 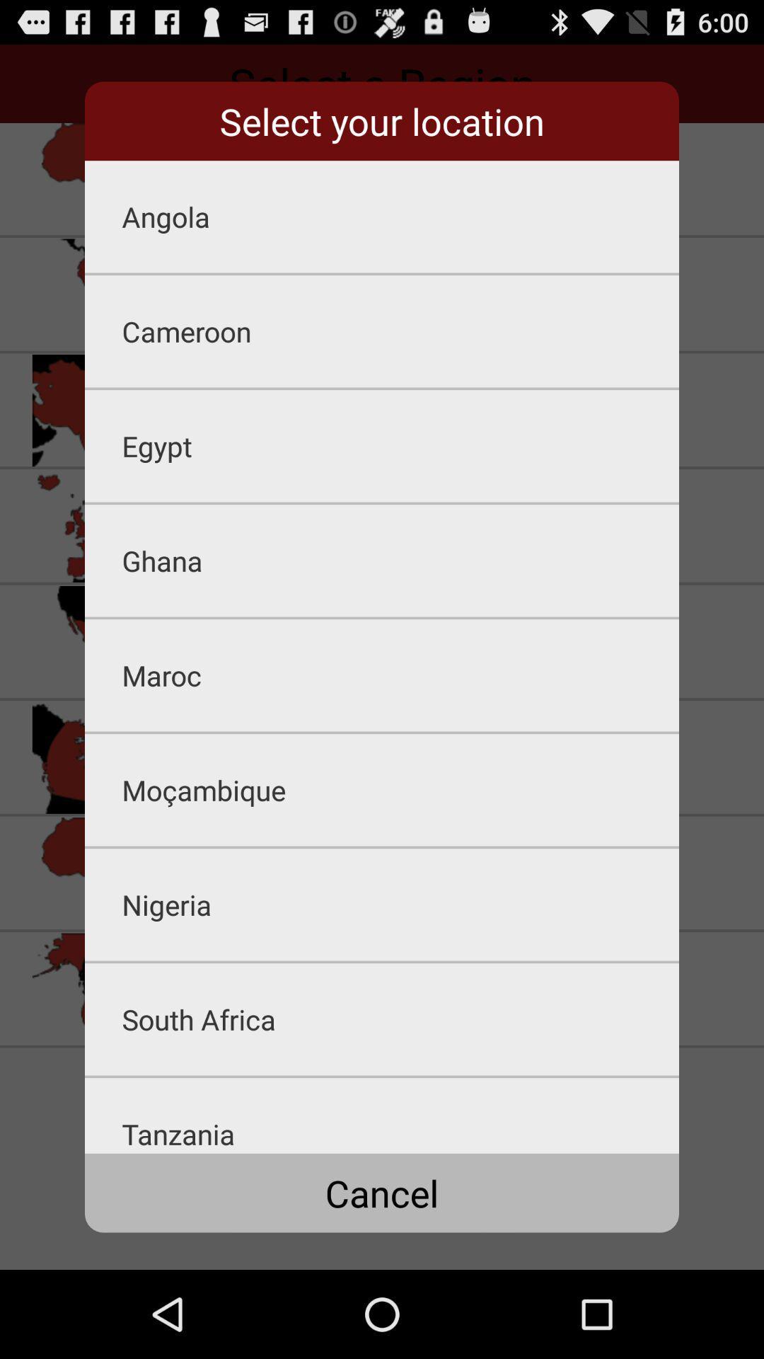 I want to click on the cancel app, so click(x=382, y=1192).